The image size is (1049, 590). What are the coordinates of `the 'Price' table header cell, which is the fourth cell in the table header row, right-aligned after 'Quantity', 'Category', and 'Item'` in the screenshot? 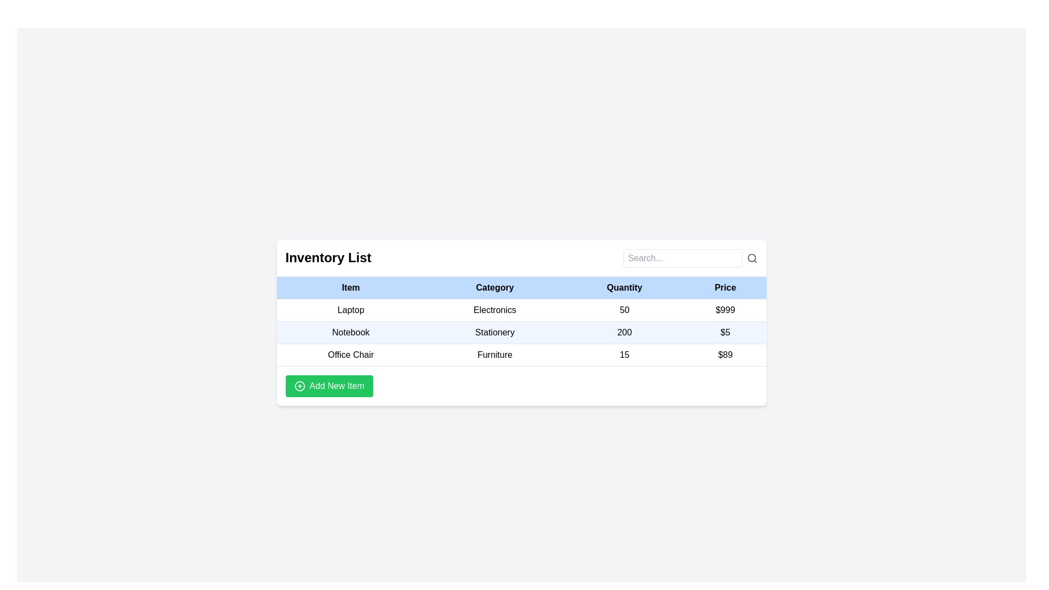 It's located at (725, 287).